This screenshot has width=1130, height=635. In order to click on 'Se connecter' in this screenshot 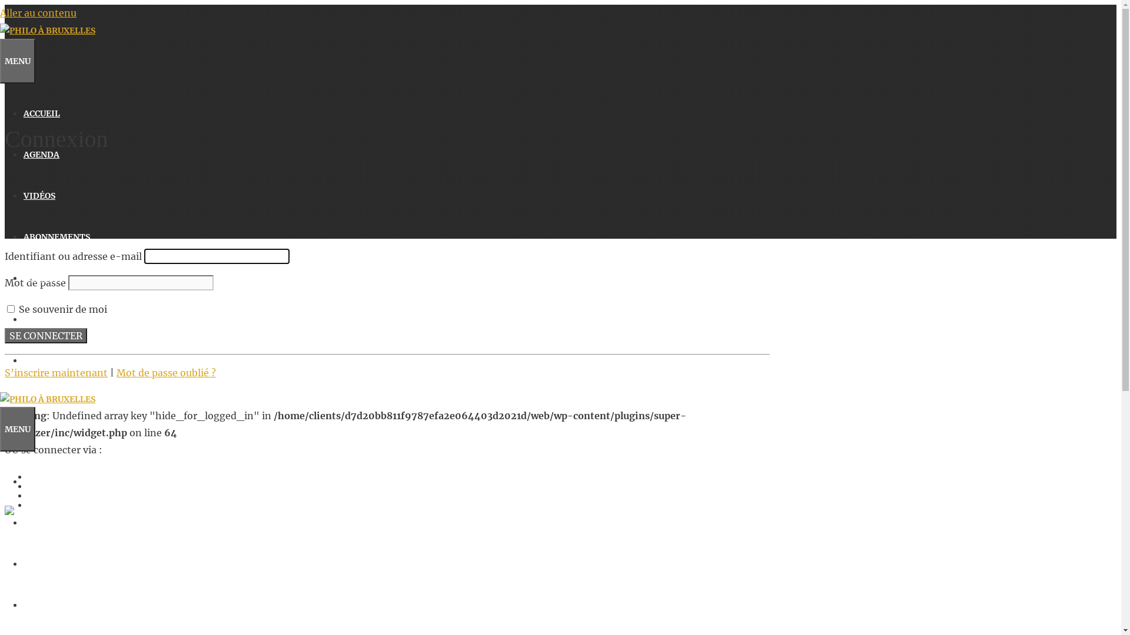, I will do `click(45, 335)`.